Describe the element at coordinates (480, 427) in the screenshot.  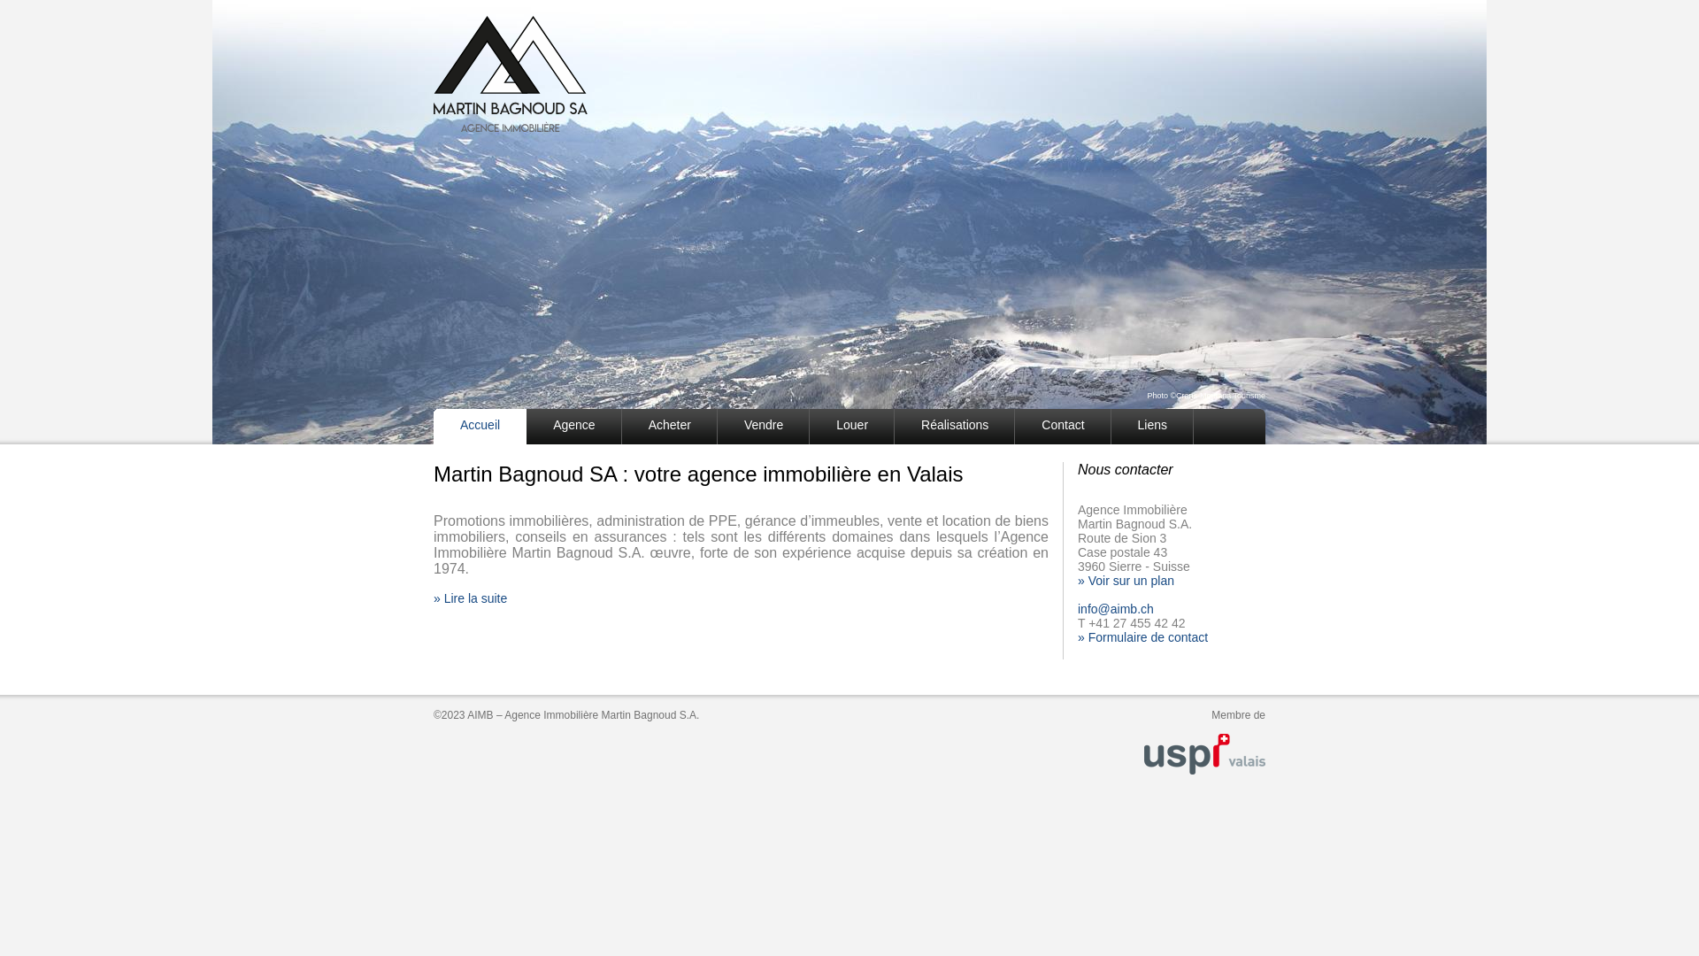
I see `'Accueil'` at that location.